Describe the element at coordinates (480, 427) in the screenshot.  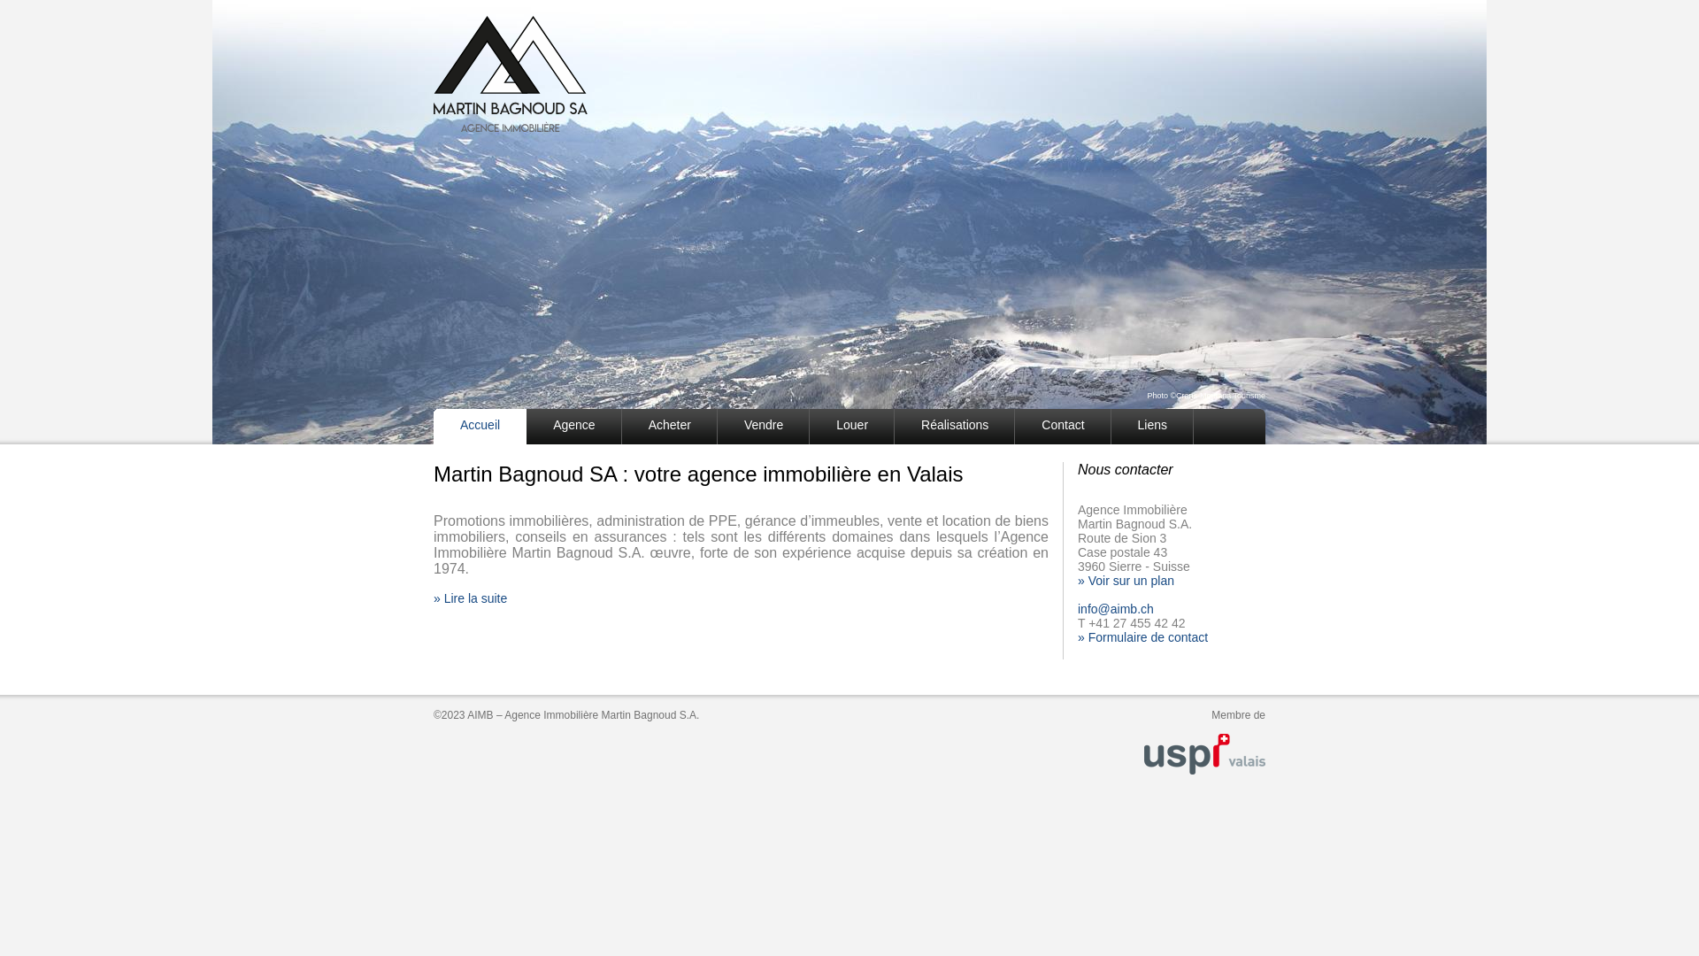
I see `'Accueil'` at that location.